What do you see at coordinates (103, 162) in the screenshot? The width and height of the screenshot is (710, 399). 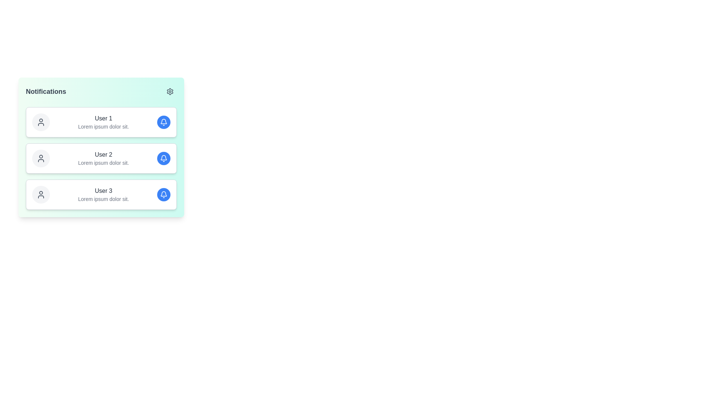 I see `the text label component displaying 'Lorem ipsum dolor sit.' which is positioned beneath 'User 2' in the notification card` at bounding box center [103, 162].